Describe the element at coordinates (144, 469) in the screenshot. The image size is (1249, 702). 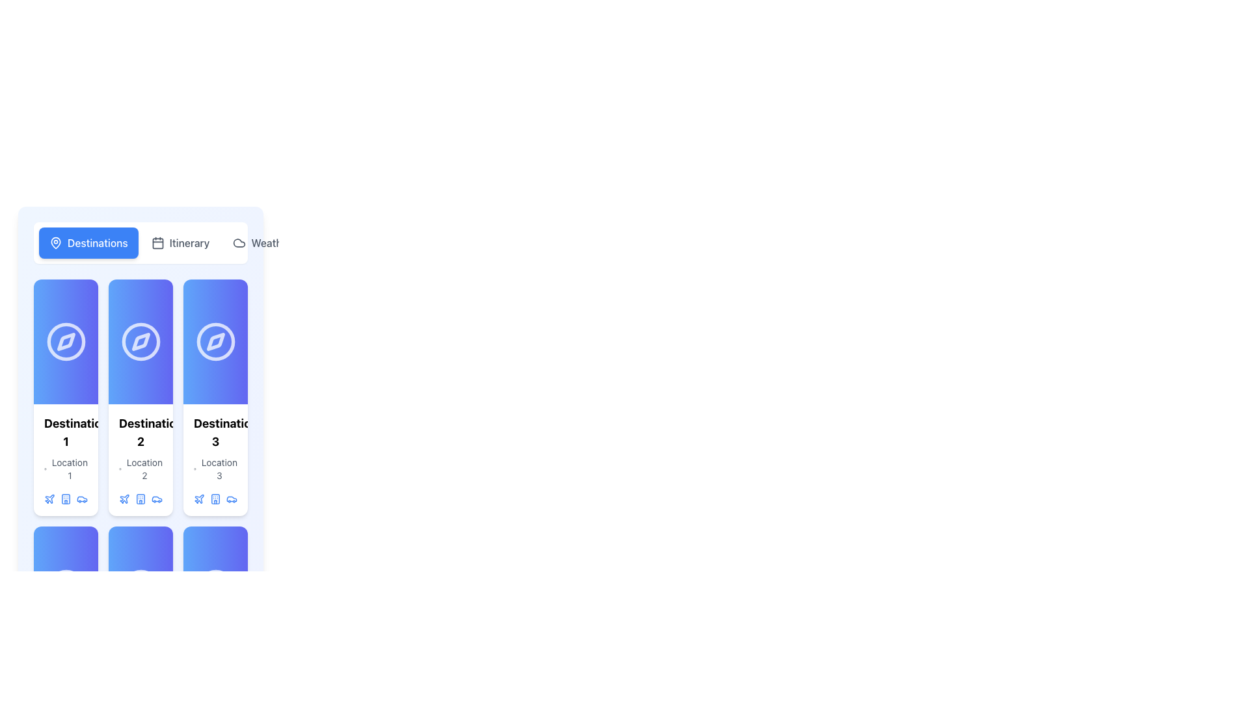
I see `text content of the label displaying 'Location 2', which is styled with gray color and located below the title 'Destination 2' in the second card layout` at that location.